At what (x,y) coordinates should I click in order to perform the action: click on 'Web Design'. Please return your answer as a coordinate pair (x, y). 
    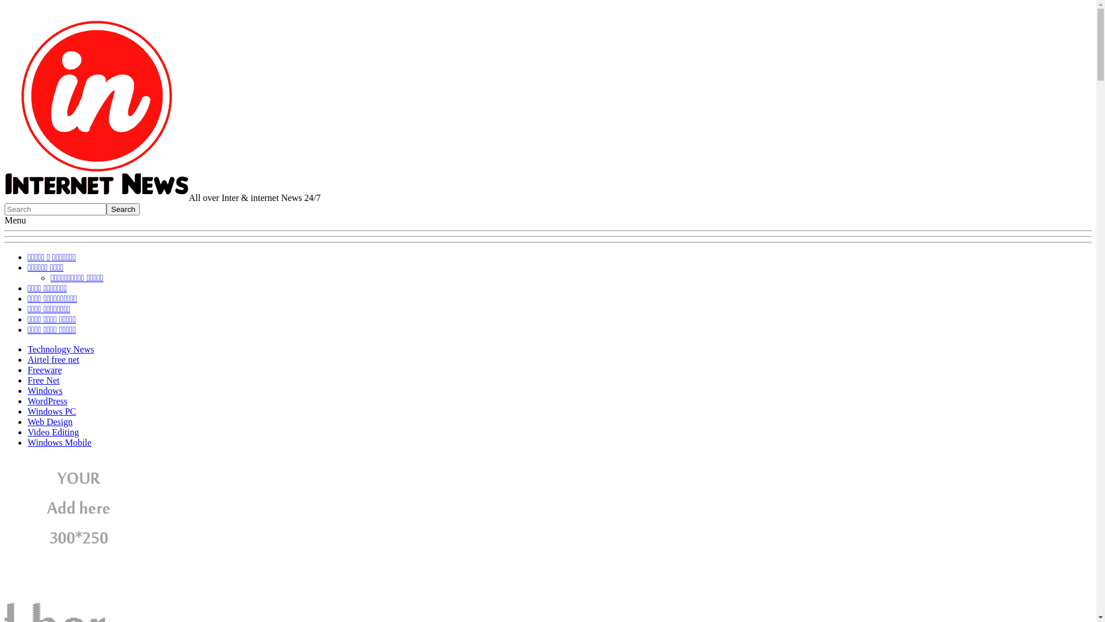
    Looking at the image, I should click on (49, 422).